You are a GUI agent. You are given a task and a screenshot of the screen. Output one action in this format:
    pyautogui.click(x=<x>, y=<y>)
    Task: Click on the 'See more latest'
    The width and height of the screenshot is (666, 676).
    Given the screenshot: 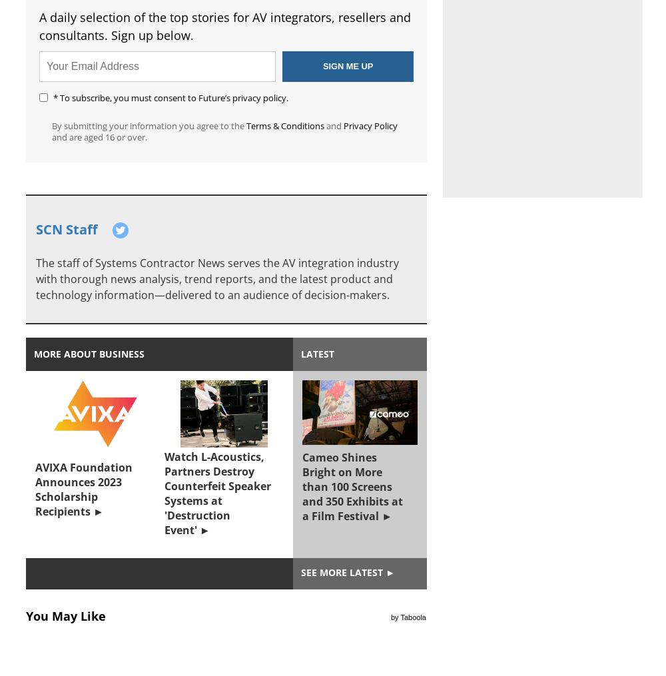 What is the action you would take?
    pyautogui.click(x=342, y=572)
    